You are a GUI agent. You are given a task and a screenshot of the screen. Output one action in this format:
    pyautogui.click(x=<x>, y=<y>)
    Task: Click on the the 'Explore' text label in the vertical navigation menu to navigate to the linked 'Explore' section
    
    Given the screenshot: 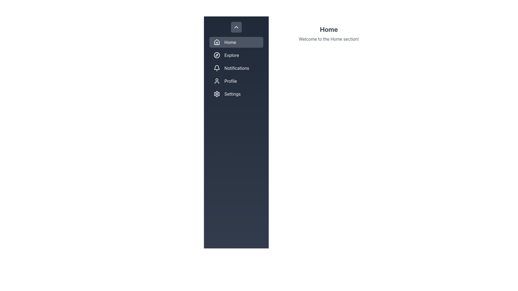 What is the action you would take?
    pyautogui.click(x=232, y=55)
    